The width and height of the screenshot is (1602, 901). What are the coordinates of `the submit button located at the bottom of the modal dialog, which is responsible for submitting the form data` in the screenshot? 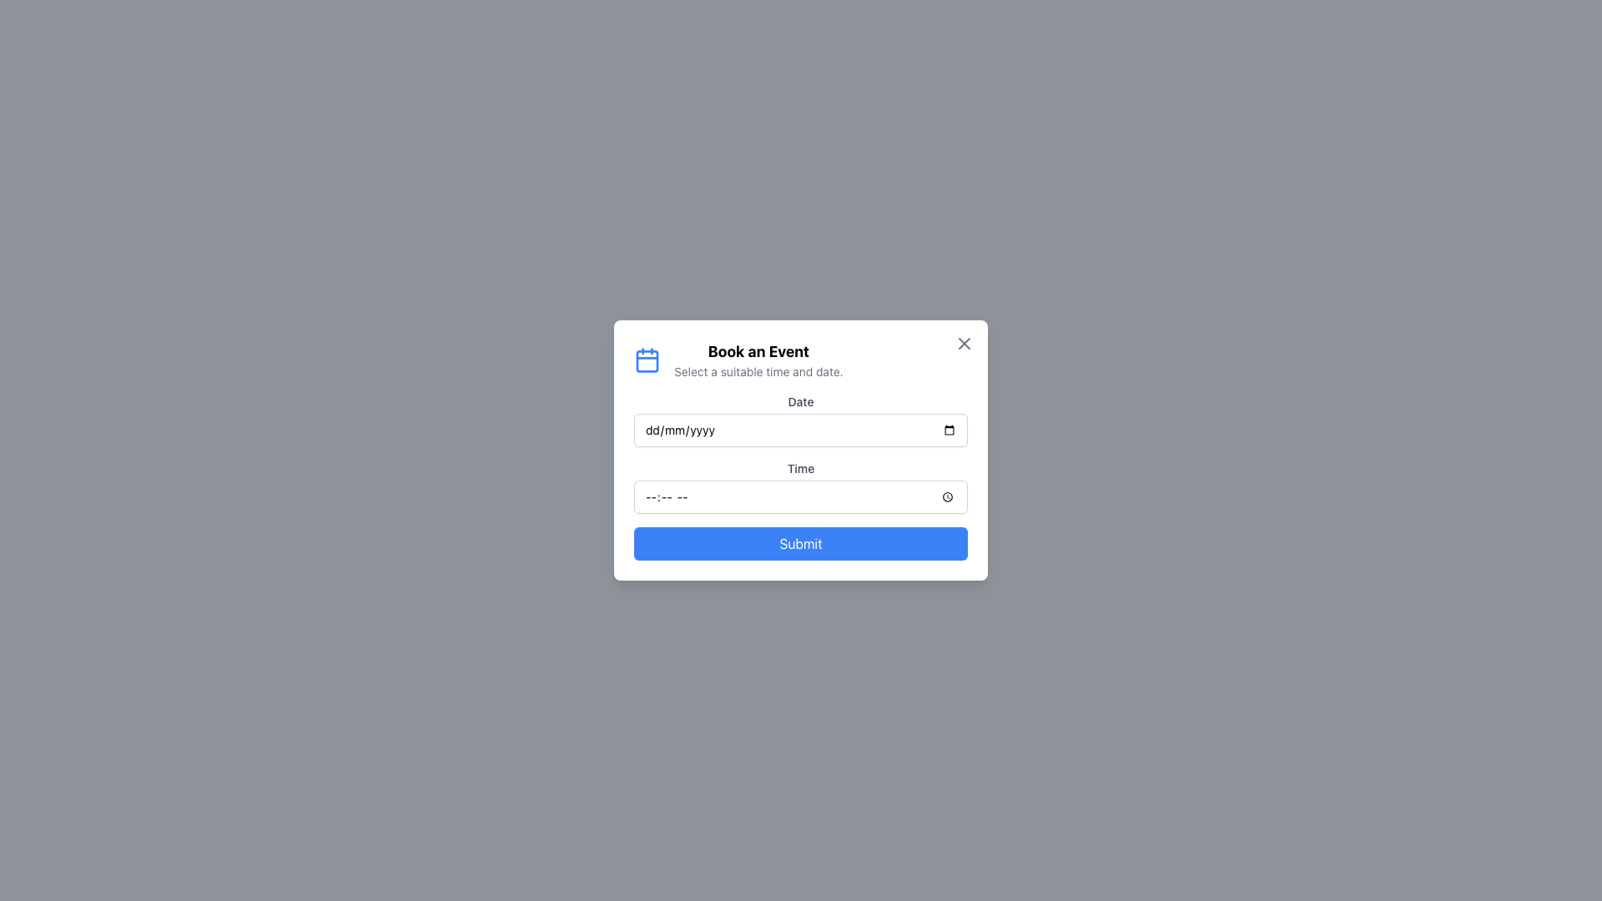 It's located at (801, 543).